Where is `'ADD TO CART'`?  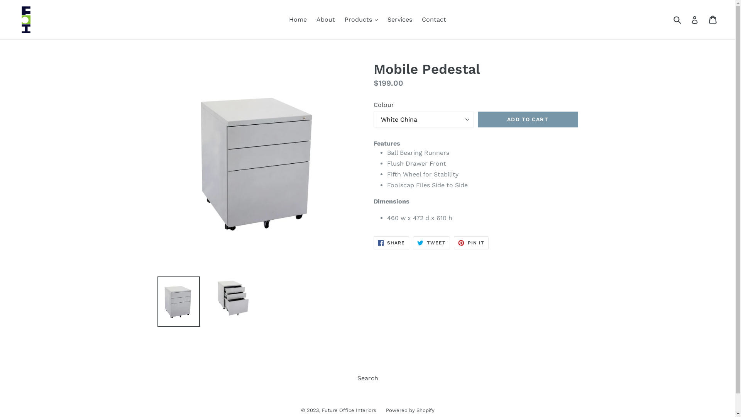
'ADD TO CART' is located at coordinates (528, 119).